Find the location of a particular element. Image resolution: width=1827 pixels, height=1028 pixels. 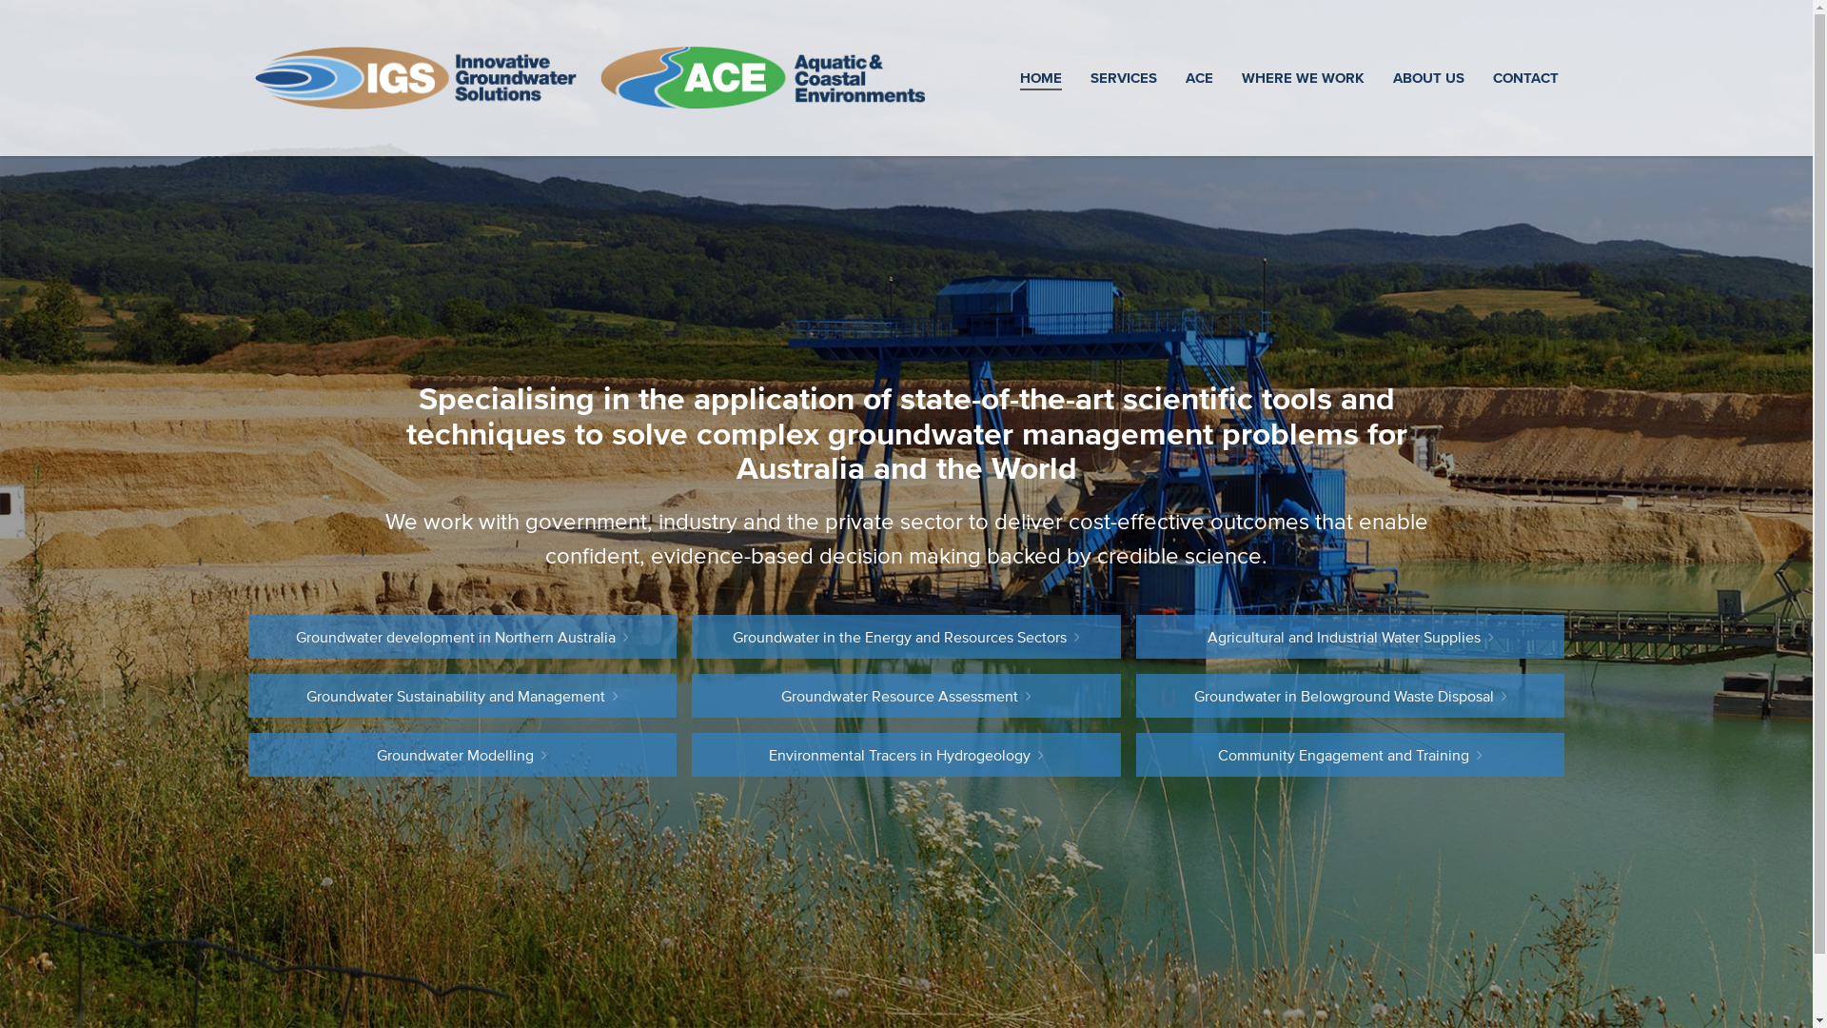

'Groundwater Modelling  ' is located at coordinates (462, 754).